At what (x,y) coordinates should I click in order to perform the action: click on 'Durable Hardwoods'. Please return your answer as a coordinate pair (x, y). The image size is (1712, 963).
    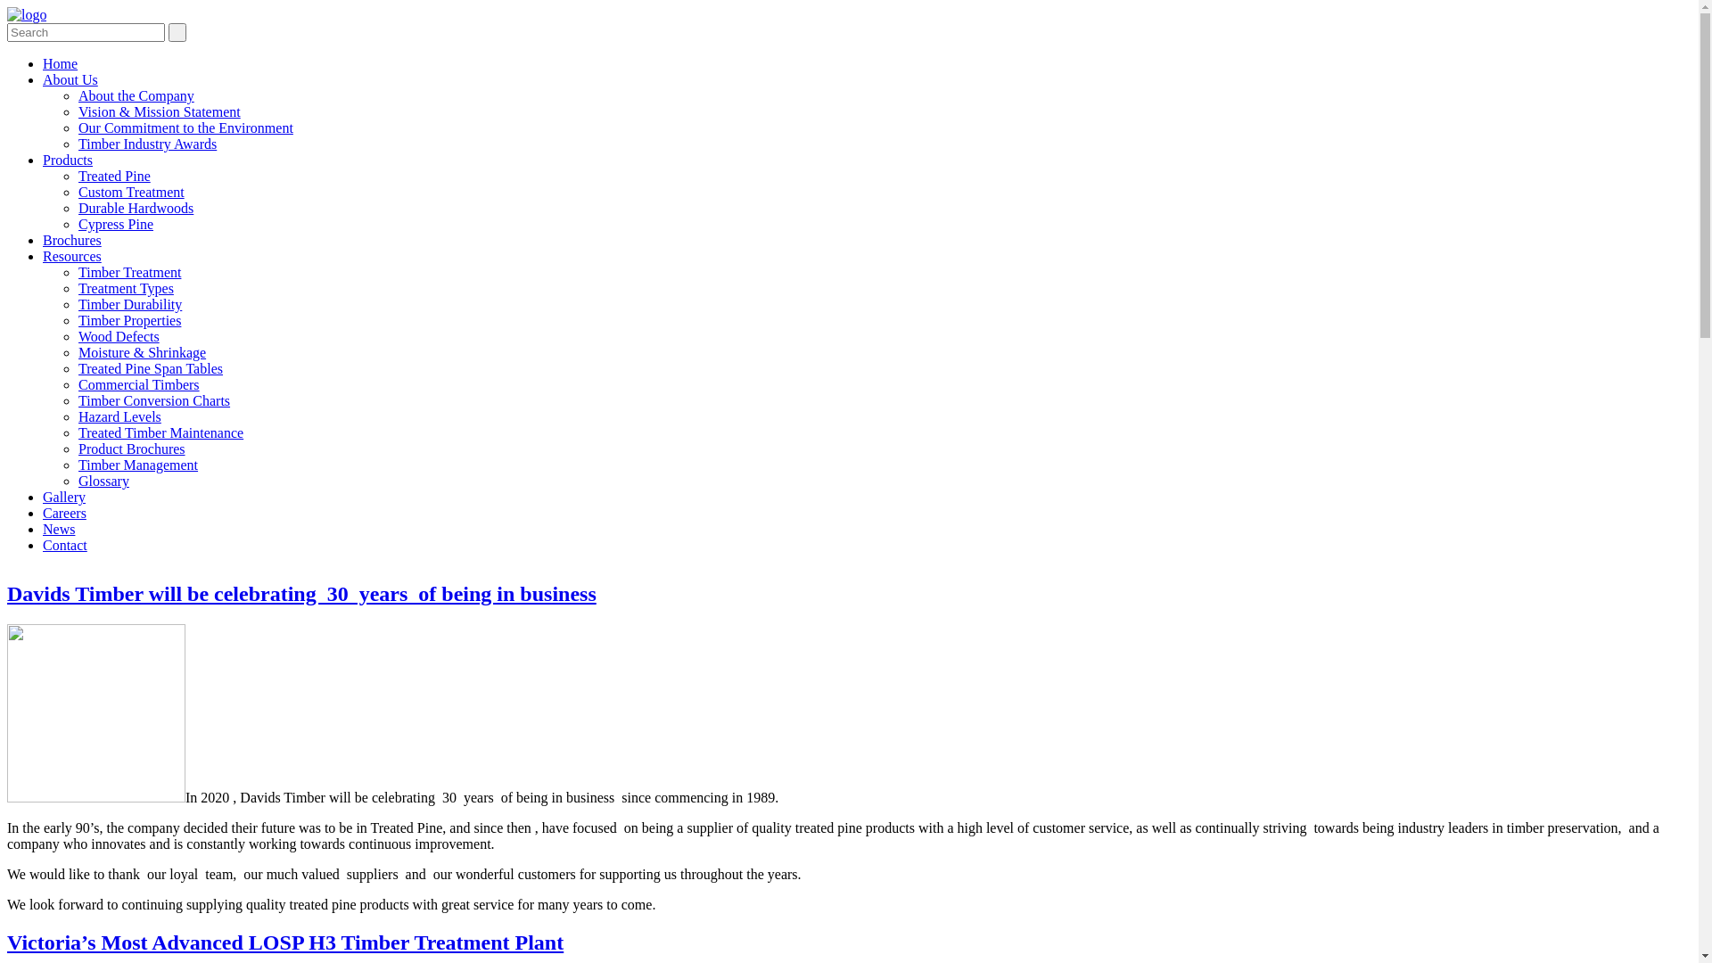
    Looking at the image, I should click on (135, 207).